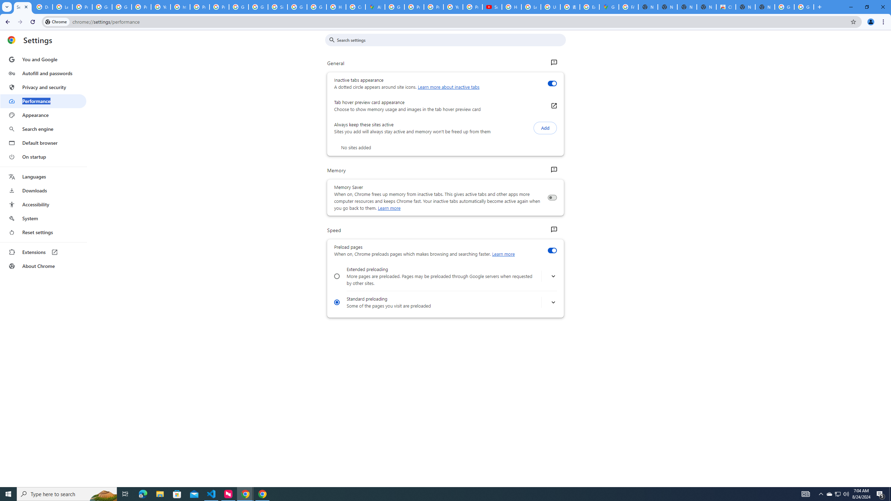 The height and width of the screenshot is (501, 891). Describe the element at coordinates (62, 7) in the screenshot. I see `'Learn how to find your photos - Google Photos Help'` at that location.